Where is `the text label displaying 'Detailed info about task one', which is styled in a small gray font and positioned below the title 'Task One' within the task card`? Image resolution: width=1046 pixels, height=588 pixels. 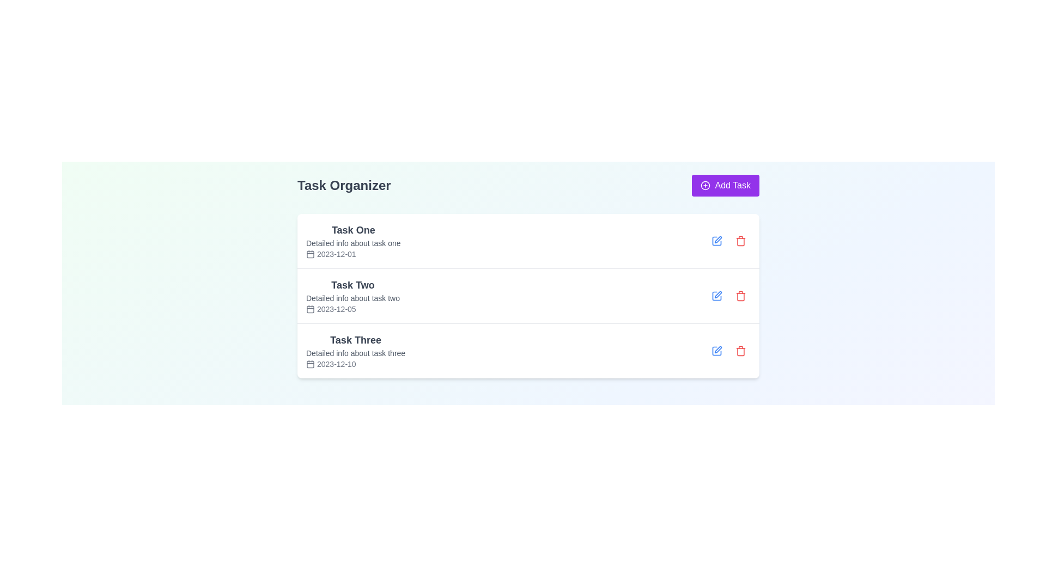 the text label displaying 'Detailed info about task one', which is styled in a small gray font and positioned below the title 'Task One' within the task card is located at coordinates (353, 243).